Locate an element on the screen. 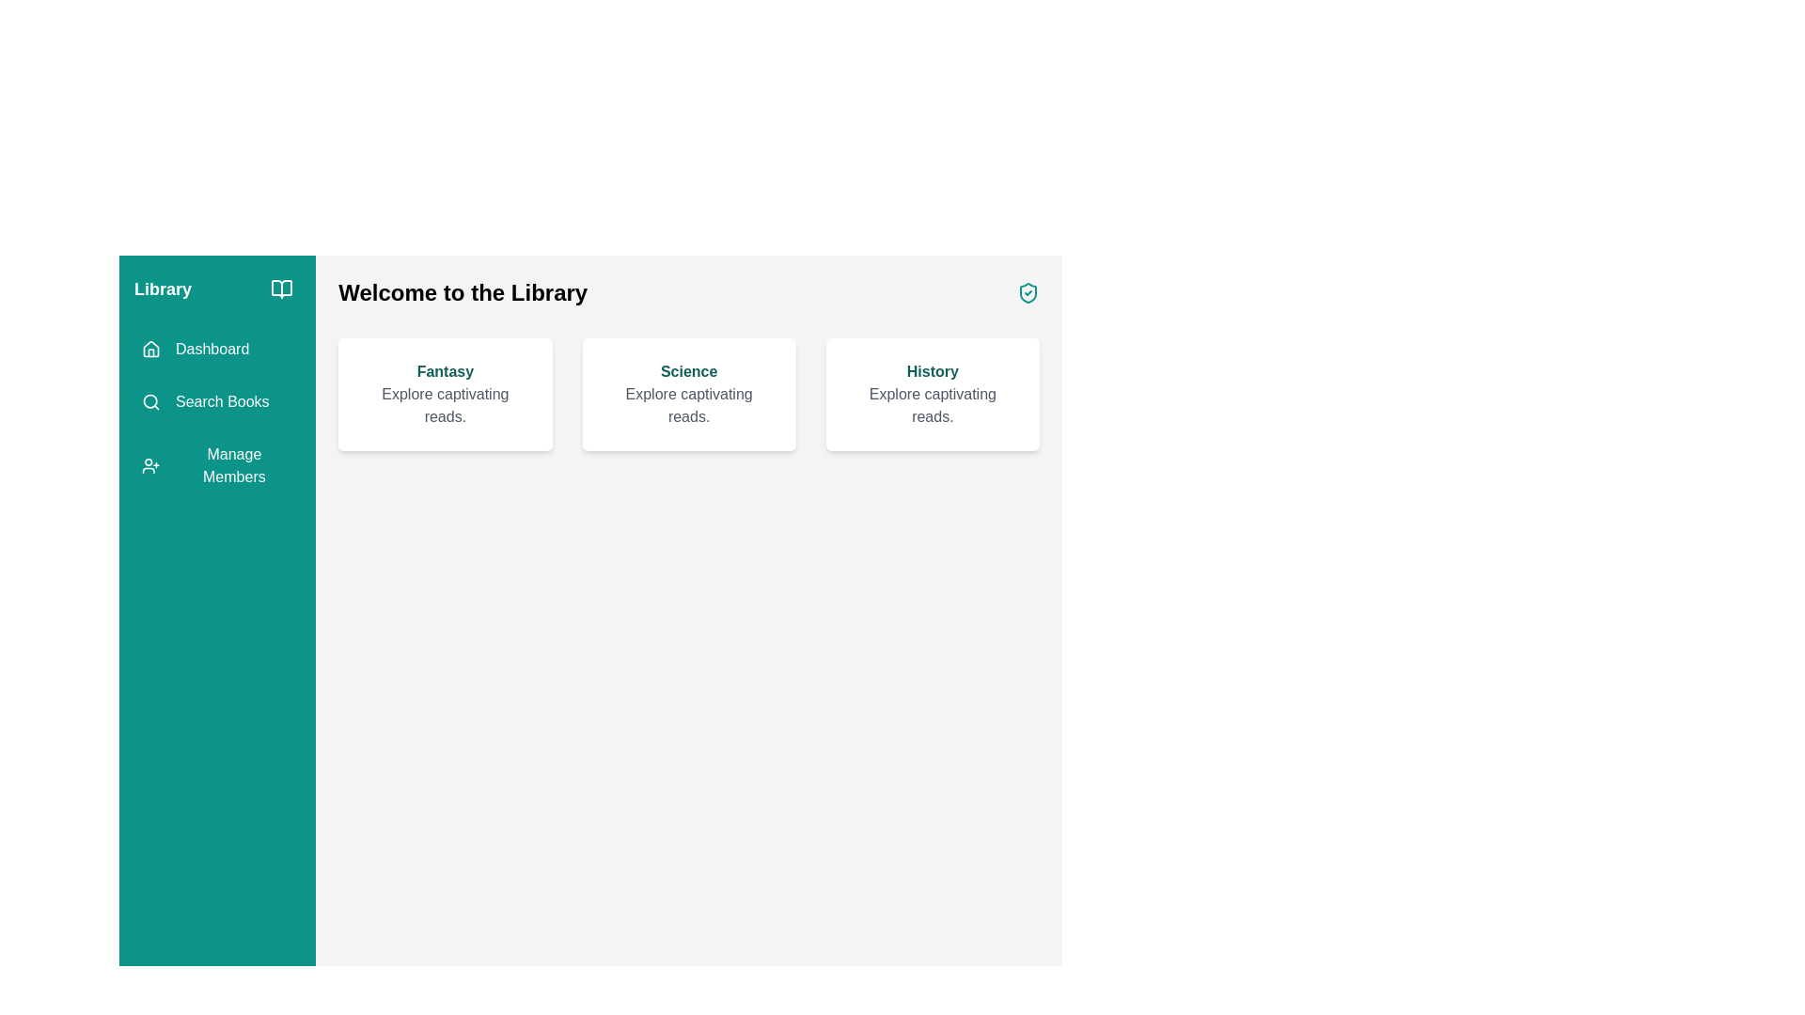 Image resolution: width=1805 pixels, height=1015 pixels. the label indicating the option to search for books in the sidebar menu, which is adjacent to a magnifying glass icon is located at coordinates (222, 401).